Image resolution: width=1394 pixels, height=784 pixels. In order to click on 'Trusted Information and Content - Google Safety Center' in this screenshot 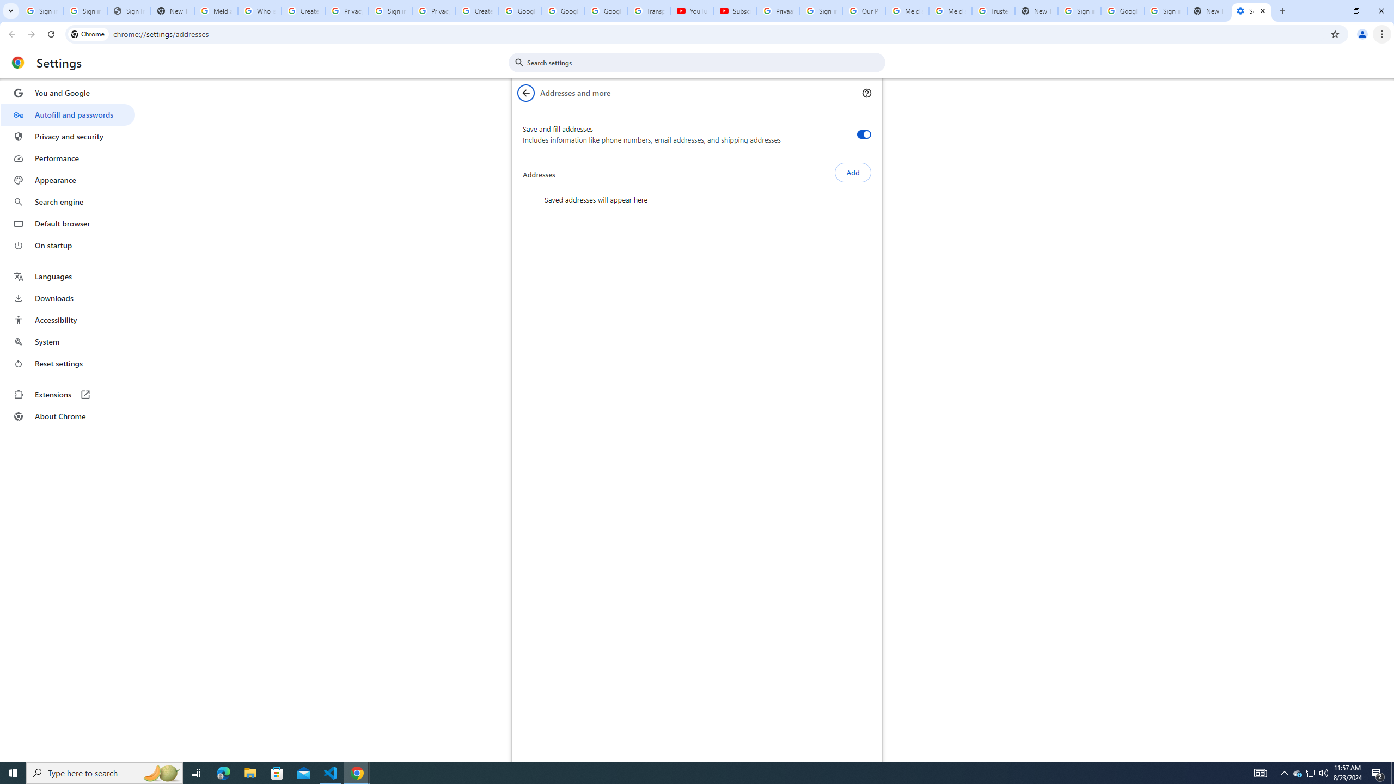, I will do `click(994, 10)`.